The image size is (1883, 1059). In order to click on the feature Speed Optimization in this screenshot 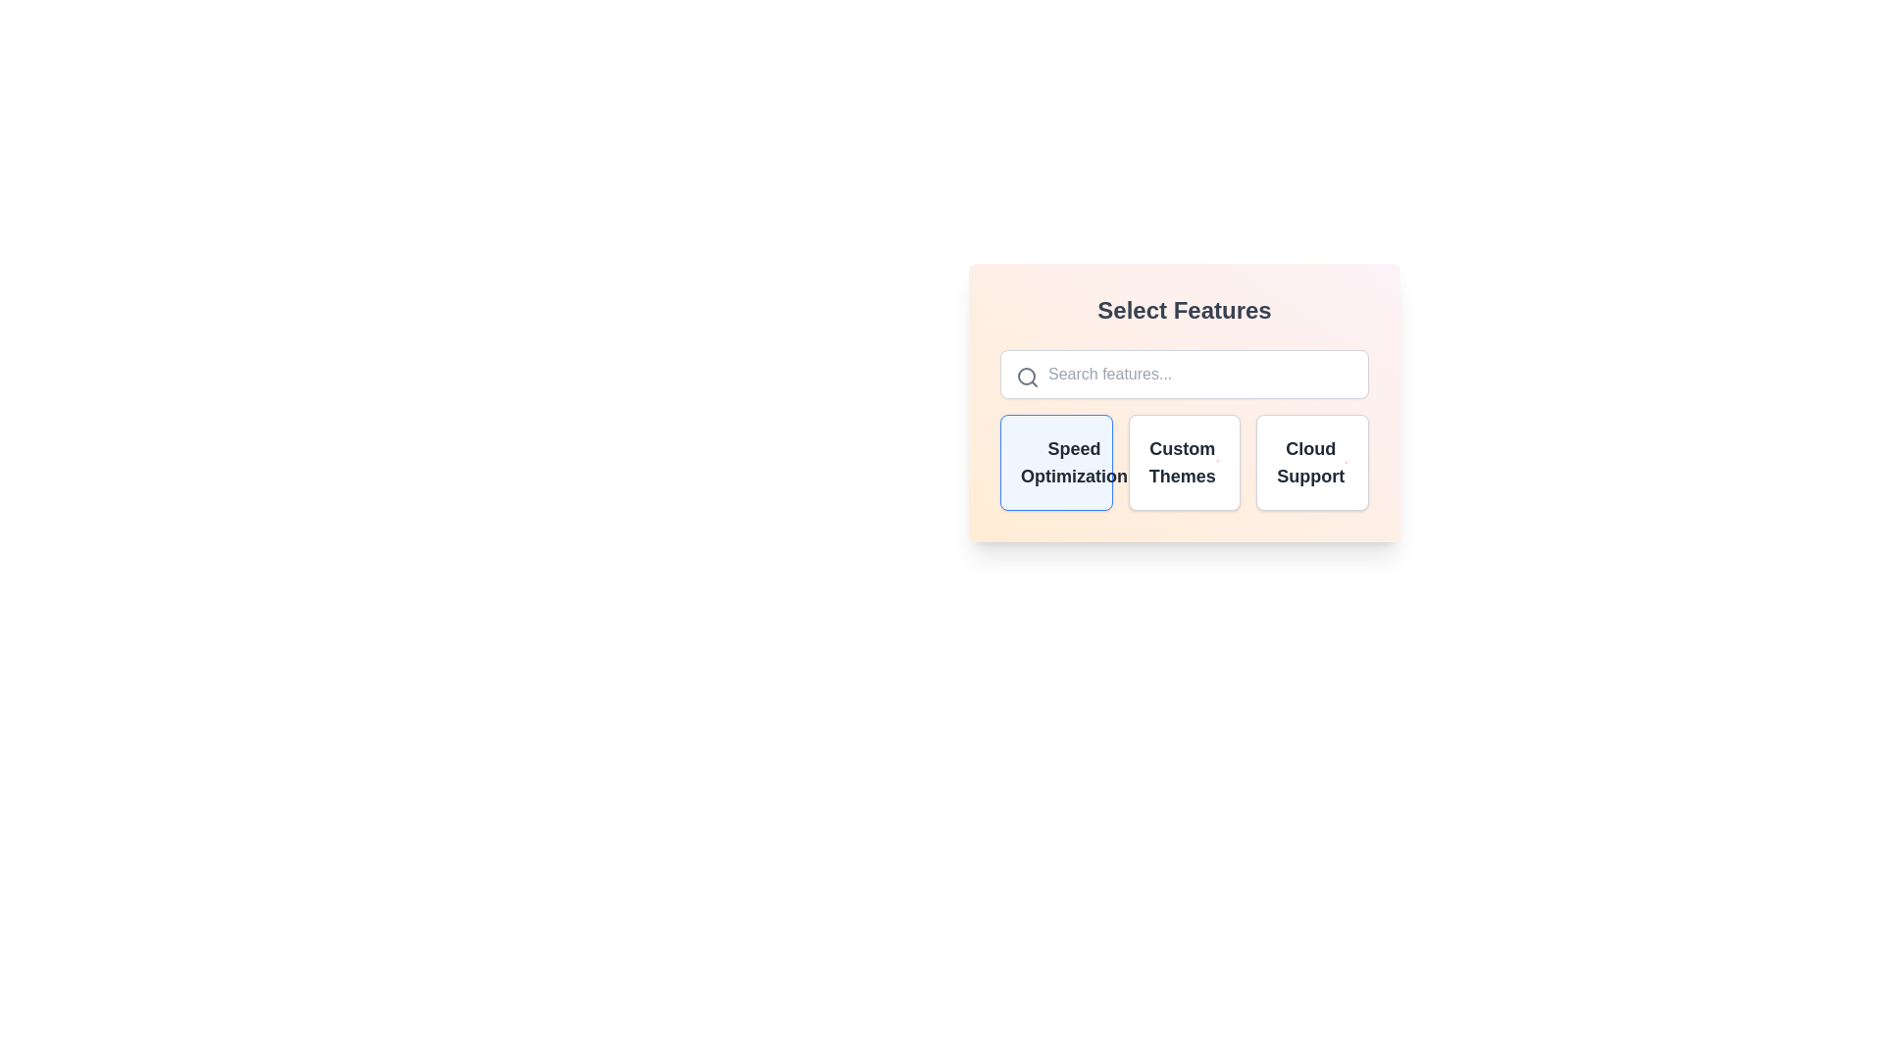, I will do `click(1054, 462)`.